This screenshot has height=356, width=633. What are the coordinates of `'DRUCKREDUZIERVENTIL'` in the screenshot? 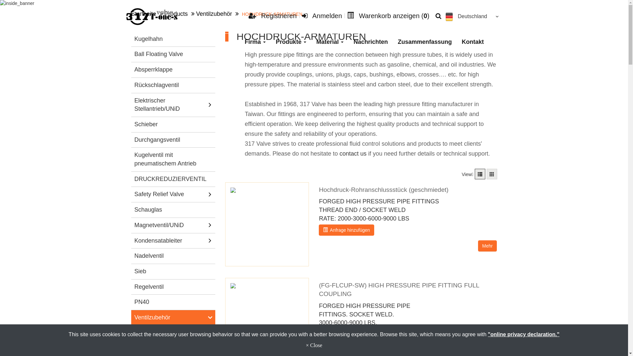 It's located at (173, 179).